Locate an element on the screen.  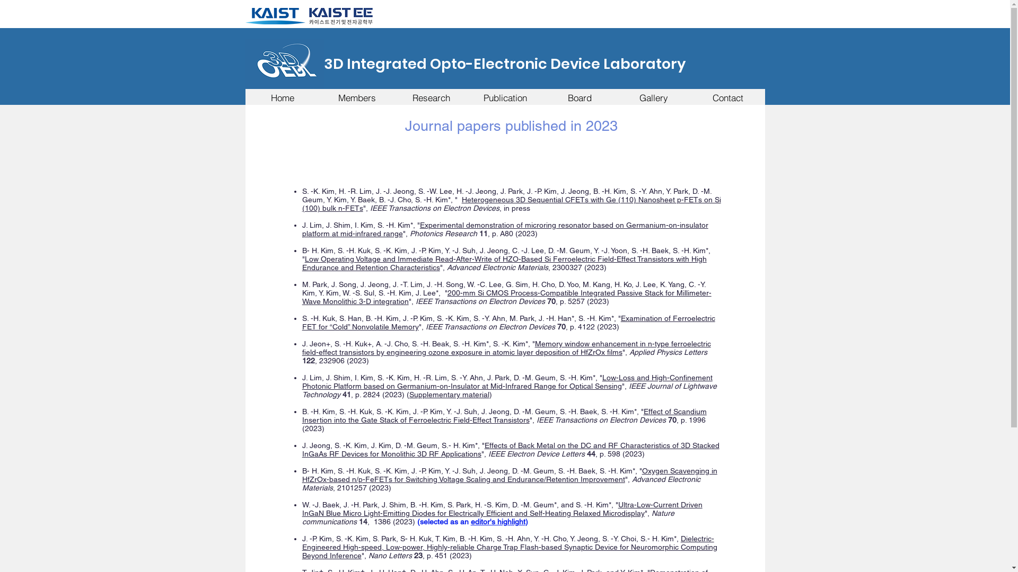
'Board' is located at coordinates (578, 97).